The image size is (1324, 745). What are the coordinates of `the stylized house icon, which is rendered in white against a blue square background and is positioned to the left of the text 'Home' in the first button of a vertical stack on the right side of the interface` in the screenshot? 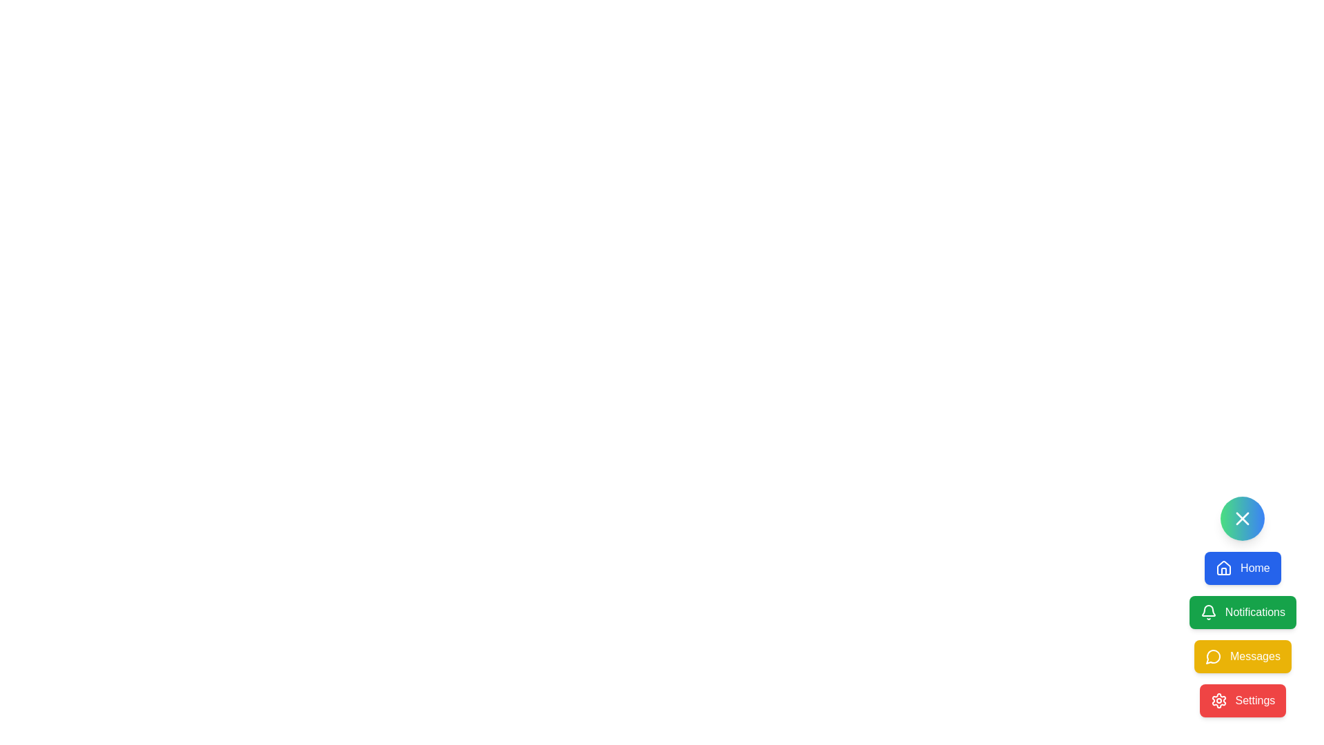 It's located at (1224, 568).